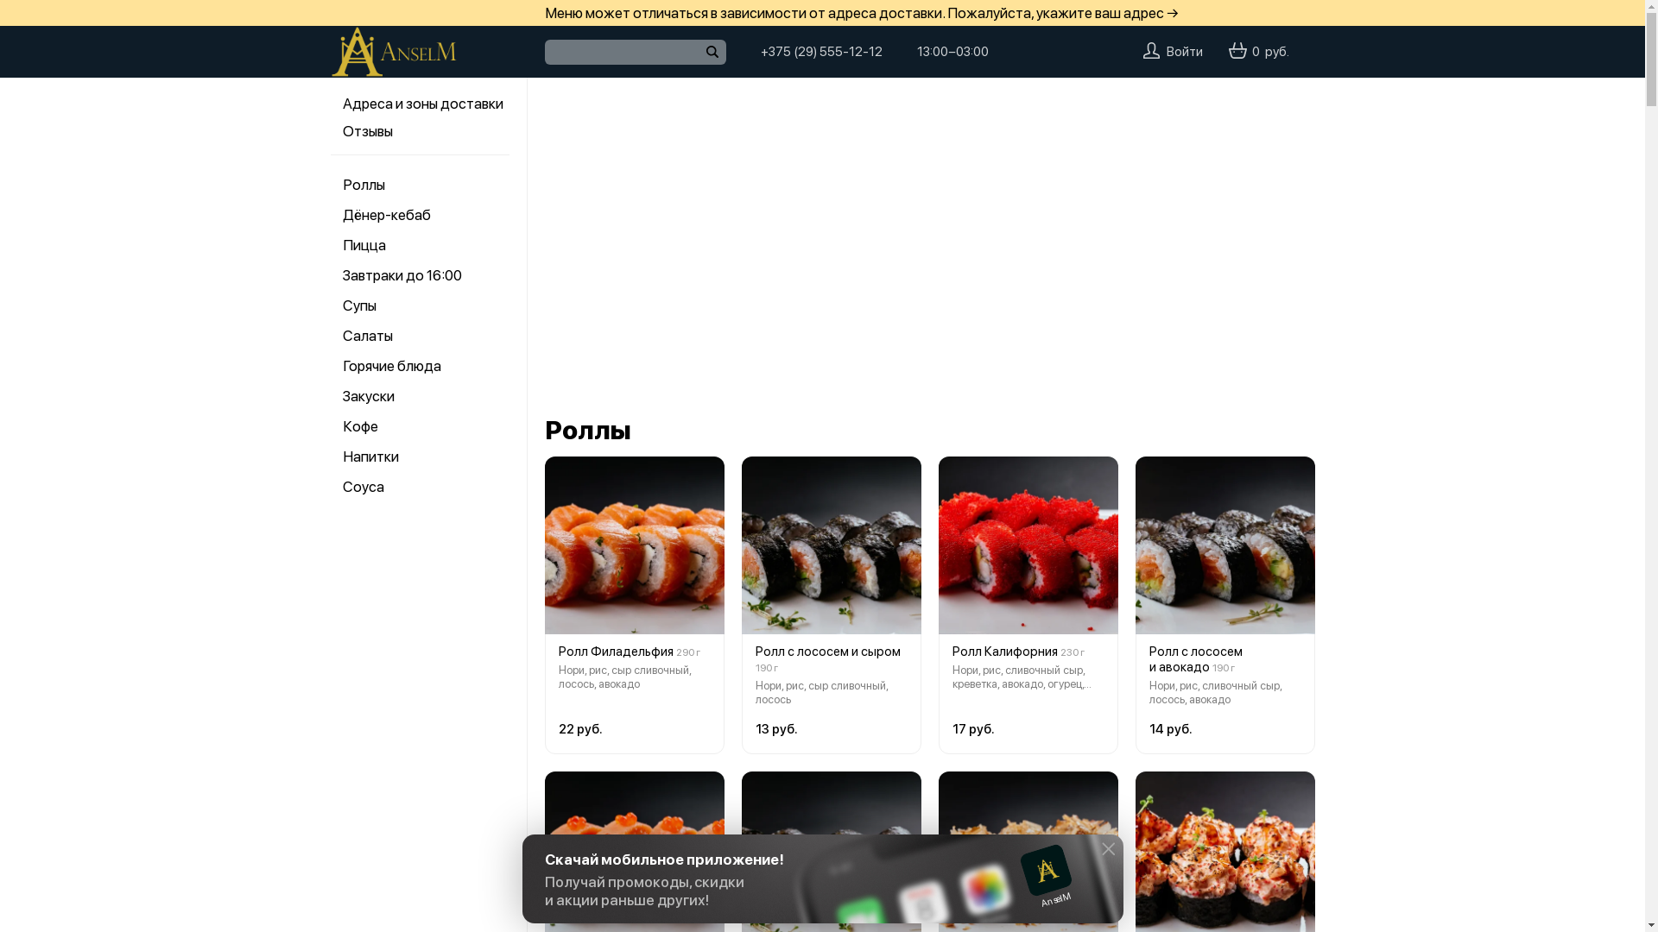  I want to click on '+375 (29) 555-12-12', so click(759, 51).